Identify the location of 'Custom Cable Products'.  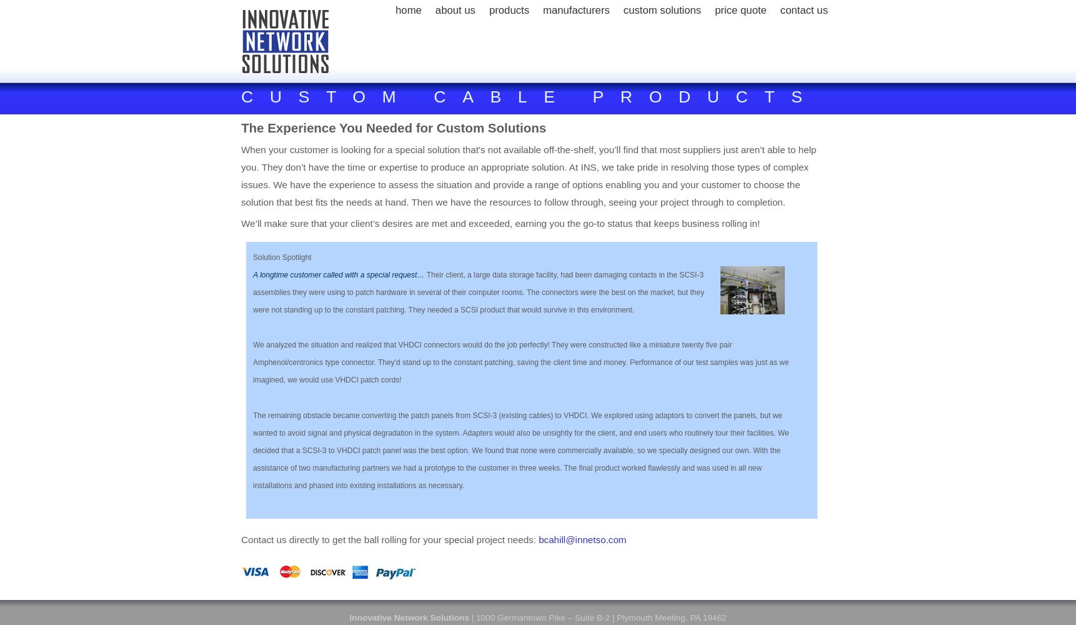
(529, 97).